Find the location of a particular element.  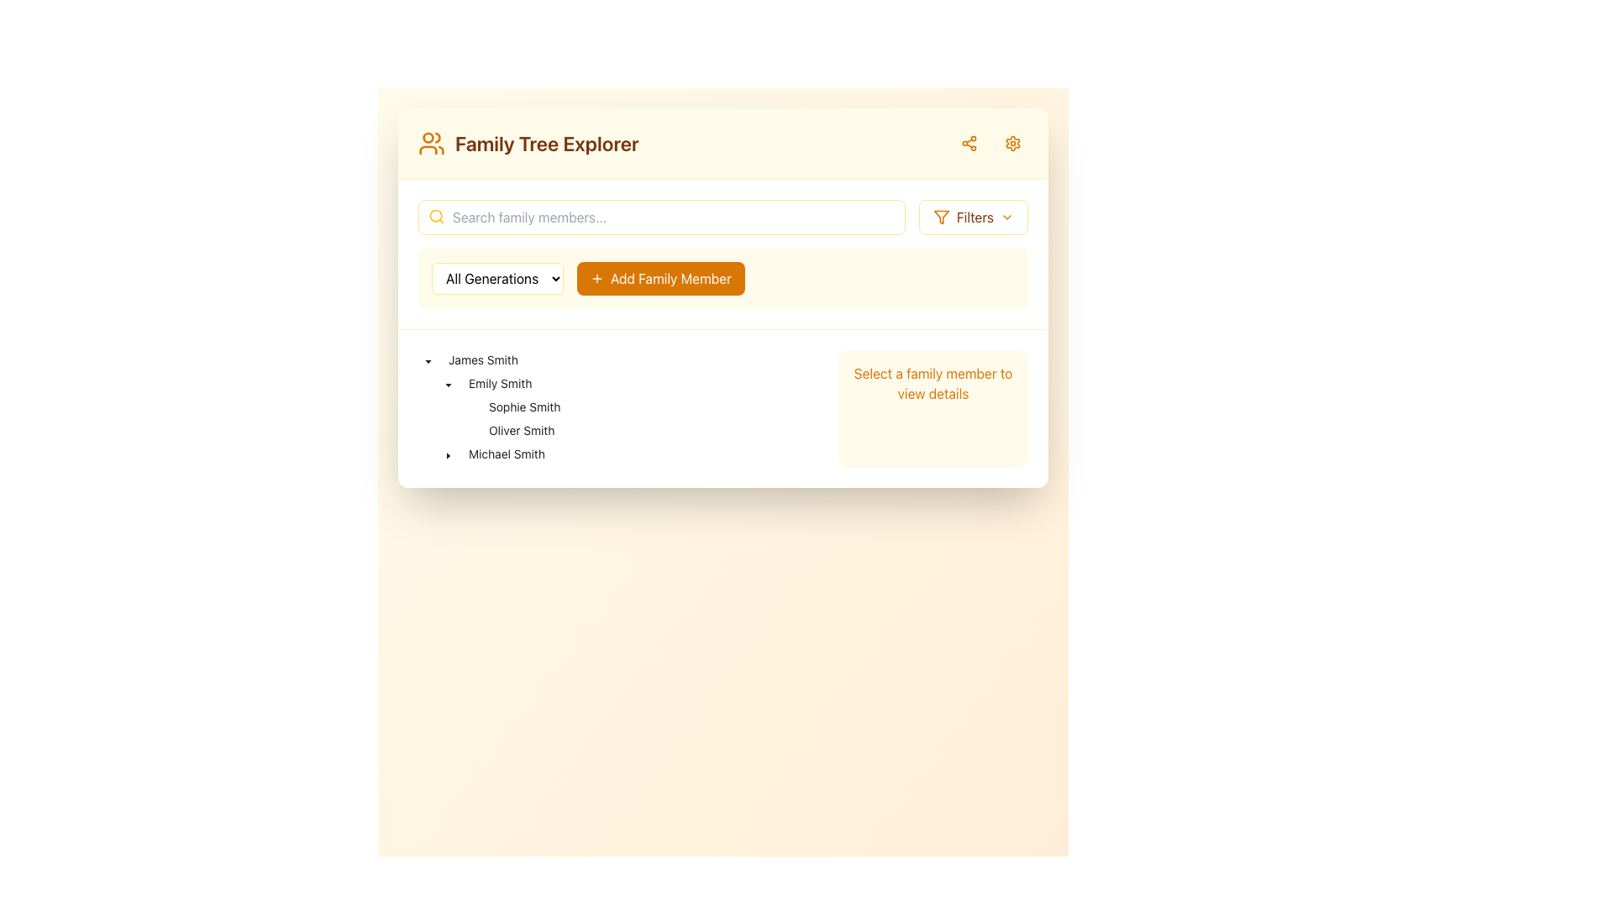

to select the text node labeled 'Oliver Smith' in the tree view, which is the second sub-item under 'Emily Smith' is located at coordinates (520, 430).